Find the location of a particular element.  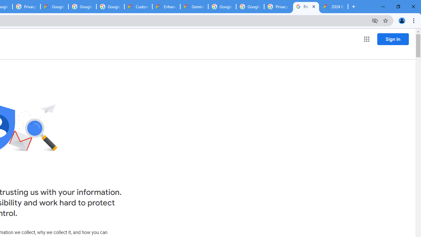

'Enhanced Support | Google Cloud' is located at coordinates (166, 7).